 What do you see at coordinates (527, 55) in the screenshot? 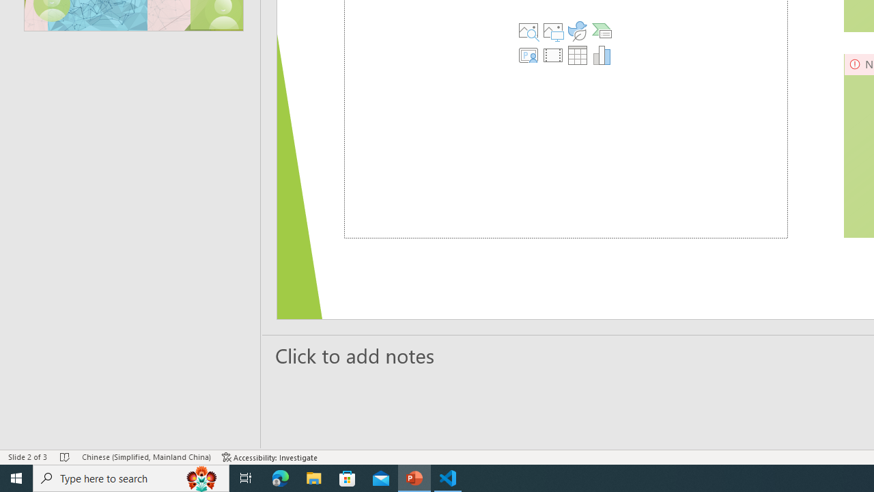
I see `'Insert Cameo'` at bounding box center [527, 55].